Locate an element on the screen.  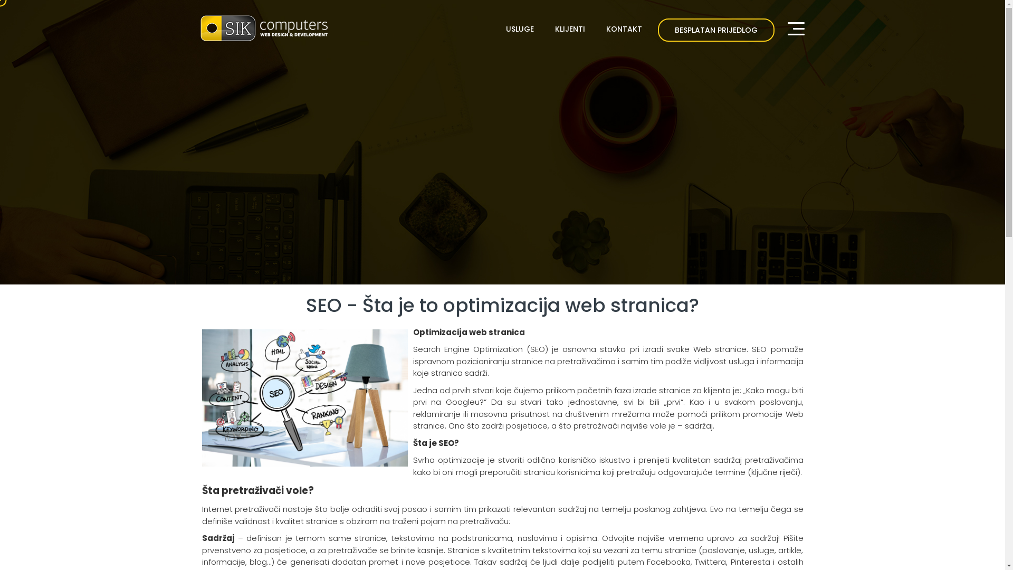
'KLIJENTI' is located at coordinates (549, 28).